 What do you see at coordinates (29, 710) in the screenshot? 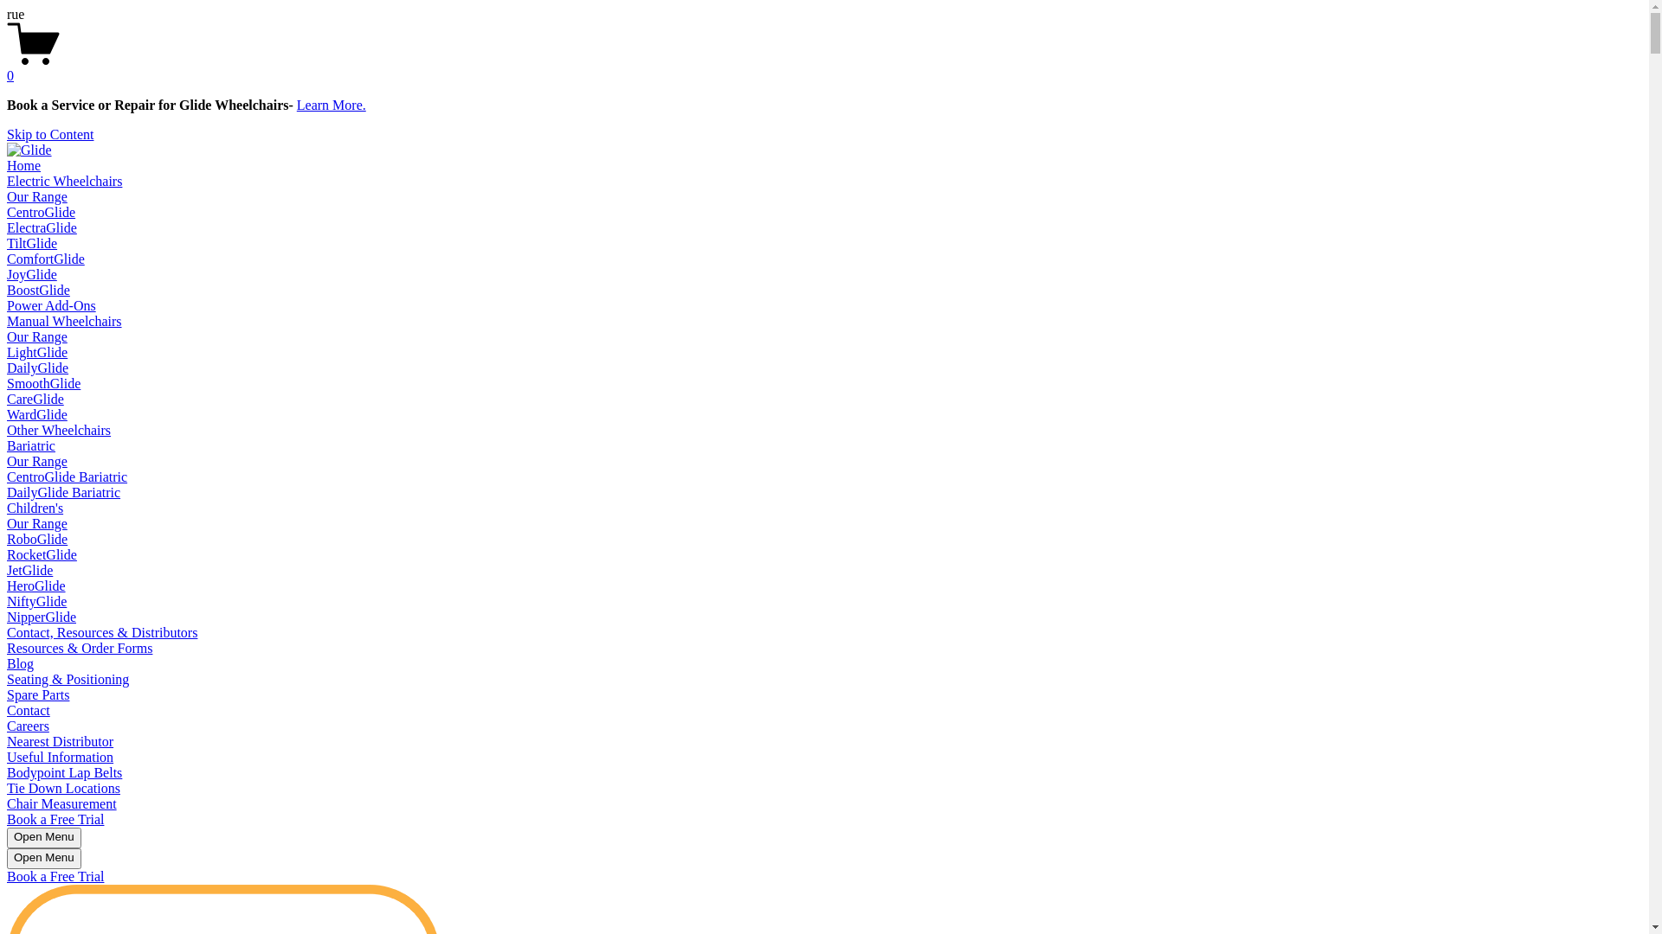
I see `'Contact'` at bounding box center [29, 710].